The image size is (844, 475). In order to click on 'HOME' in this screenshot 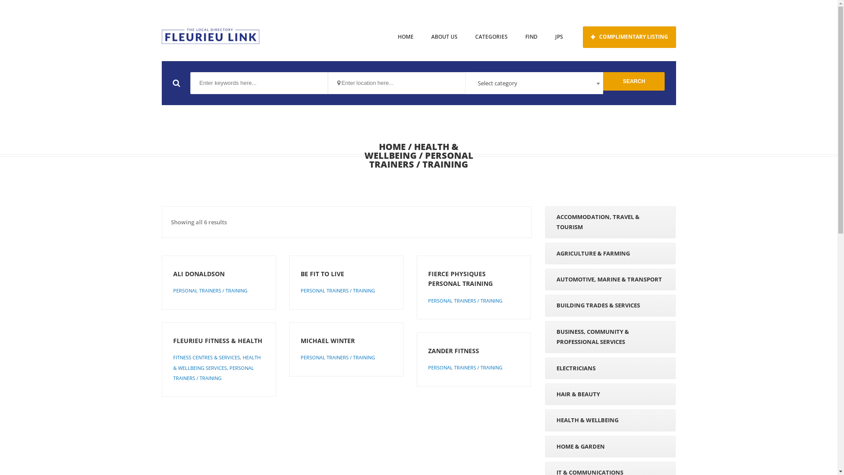, I will do `click(404, 37)`.